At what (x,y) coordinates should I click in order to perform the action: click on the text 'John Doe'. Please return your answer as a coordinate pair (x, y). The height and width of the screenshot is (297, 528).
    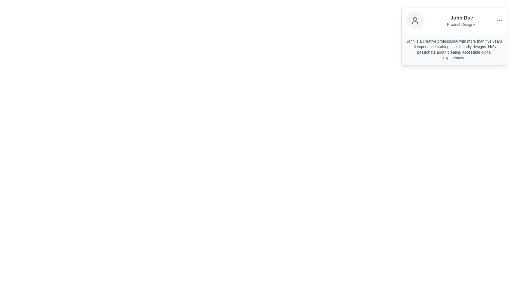
    Looking at the image, I should click on (454, 20).